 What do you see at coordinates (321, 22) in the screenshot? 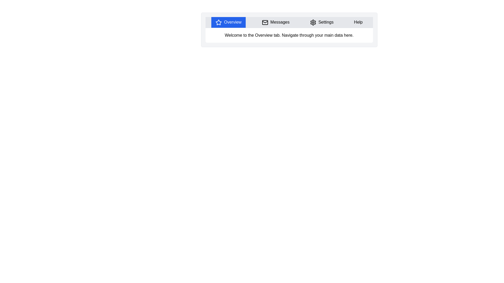
I see `the tab labeled Settings to observe its hover effects` at bounding box center [321, 22].